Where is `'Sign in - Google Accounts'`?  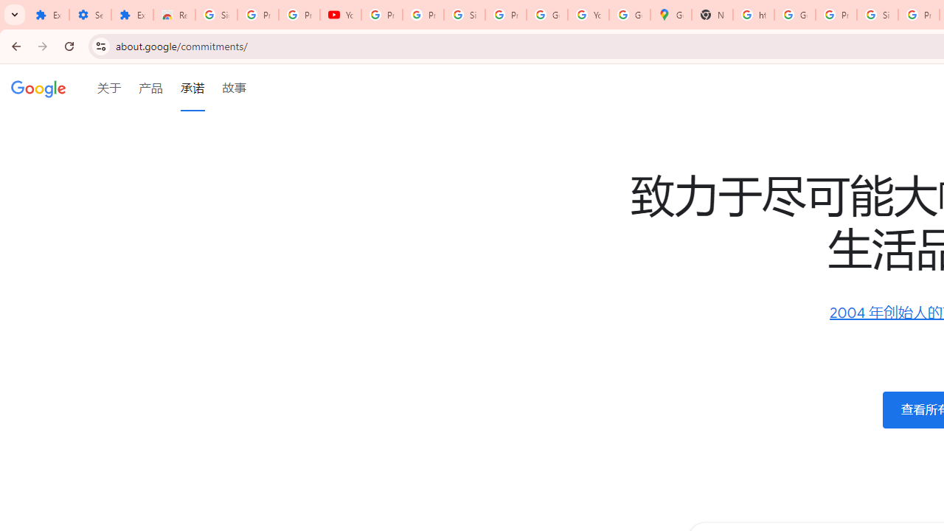
'Sign in - Google Accounts' is located at coordinates (878, 15).